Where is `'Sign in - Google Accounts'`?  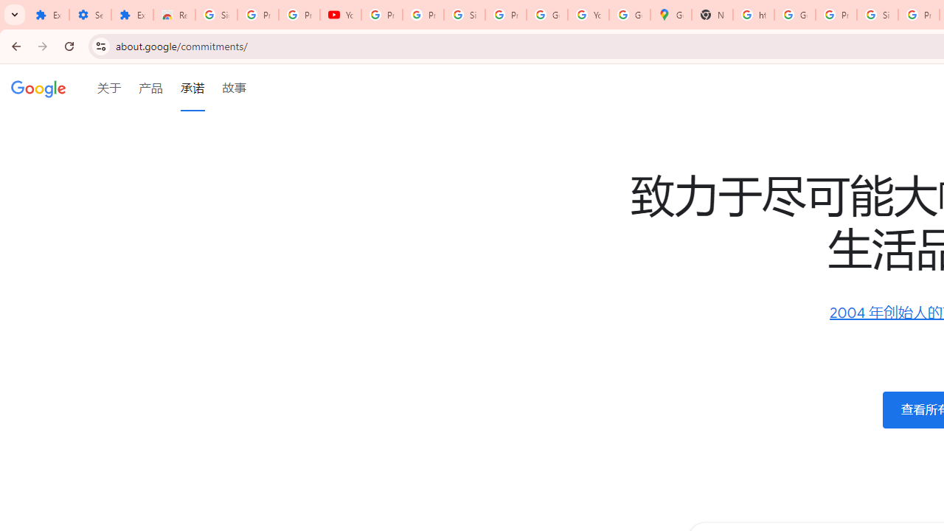
'Sign in - Google Accounts' is located at coordinates (878, 15).